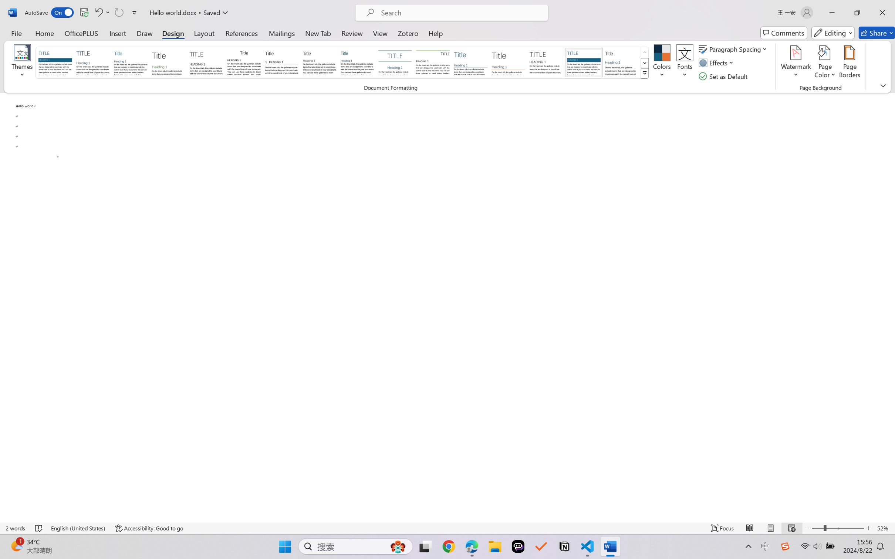 The width and height of the screenshot is (895, 559). Describe the element at coordinates (101, 12) in the screenshot. I see `'Undo Apply Quick Style Set'` at that location.